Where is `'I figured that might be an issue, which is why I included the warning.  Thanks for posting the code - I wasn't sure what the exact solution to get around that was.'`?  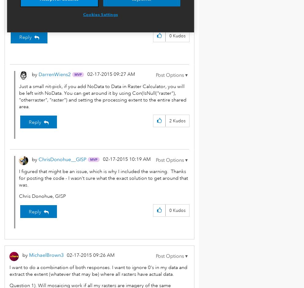 'I figured that might be an issue, which is why I included the warning.  Thanks for posting the code - I wasn't sure what the exact solution to get around that was.' is located at coordinates (103, 178).